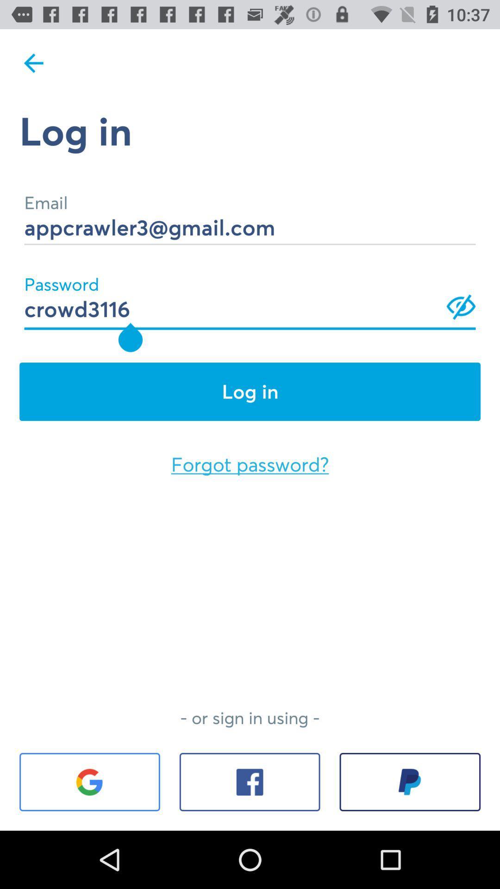 The image size is (500, 889). Describe the element at coordinates (250, 214) in the screenshot. I see `item below the log in icon` at that location.